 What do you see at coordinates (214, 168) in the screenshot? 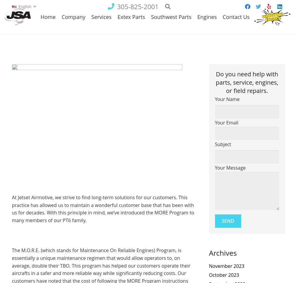
I see `'Your Message'` at bounding box center [214, 168].